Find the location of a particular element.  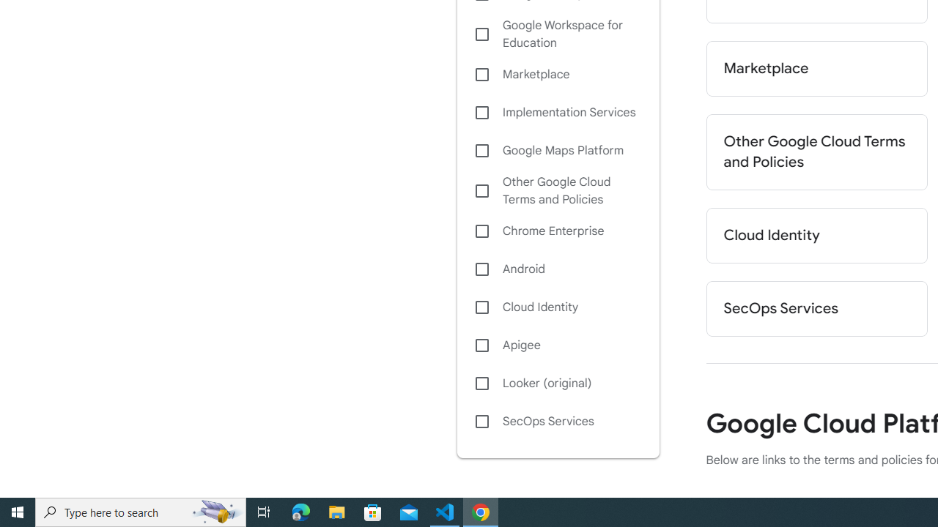

'Chrome Enterprise' is located at coordinates (557, 231).